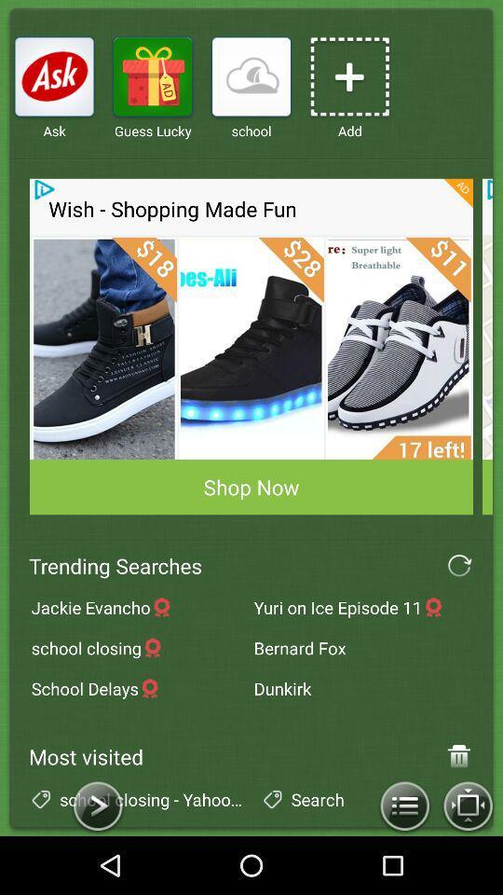  What do you see at coordinates (458, 808) in the screenshot?
I see `the delete icon` at bounding box center [458, 808].